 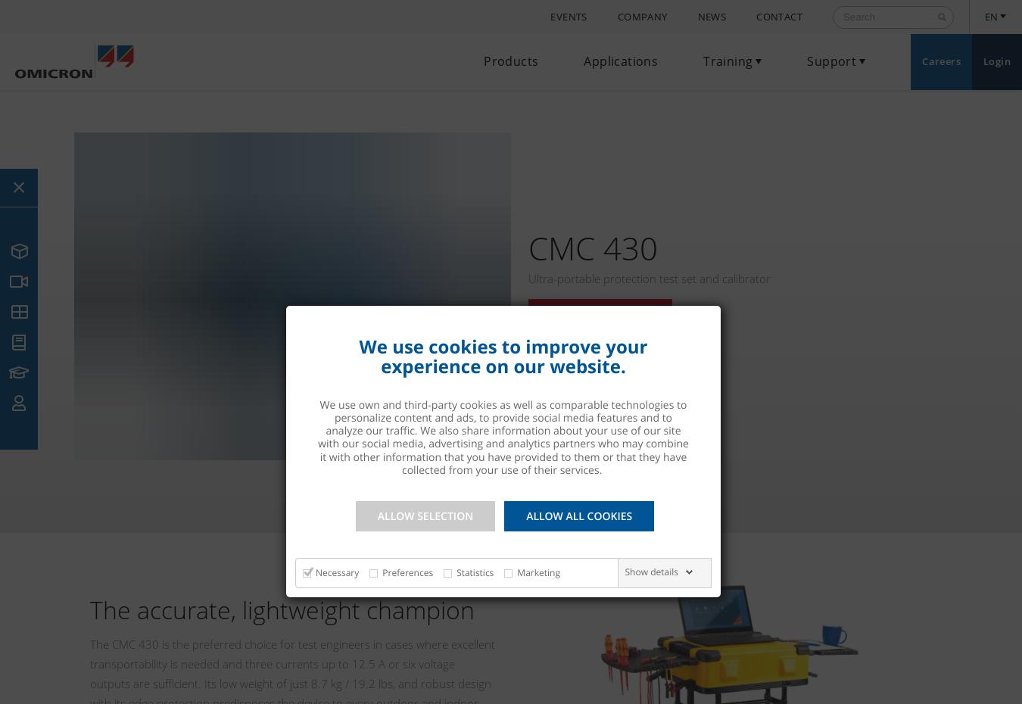 What do you see at coordinates (831, 61) in the screenshot?
I see `'Support'` at bounding box center [831, 61].